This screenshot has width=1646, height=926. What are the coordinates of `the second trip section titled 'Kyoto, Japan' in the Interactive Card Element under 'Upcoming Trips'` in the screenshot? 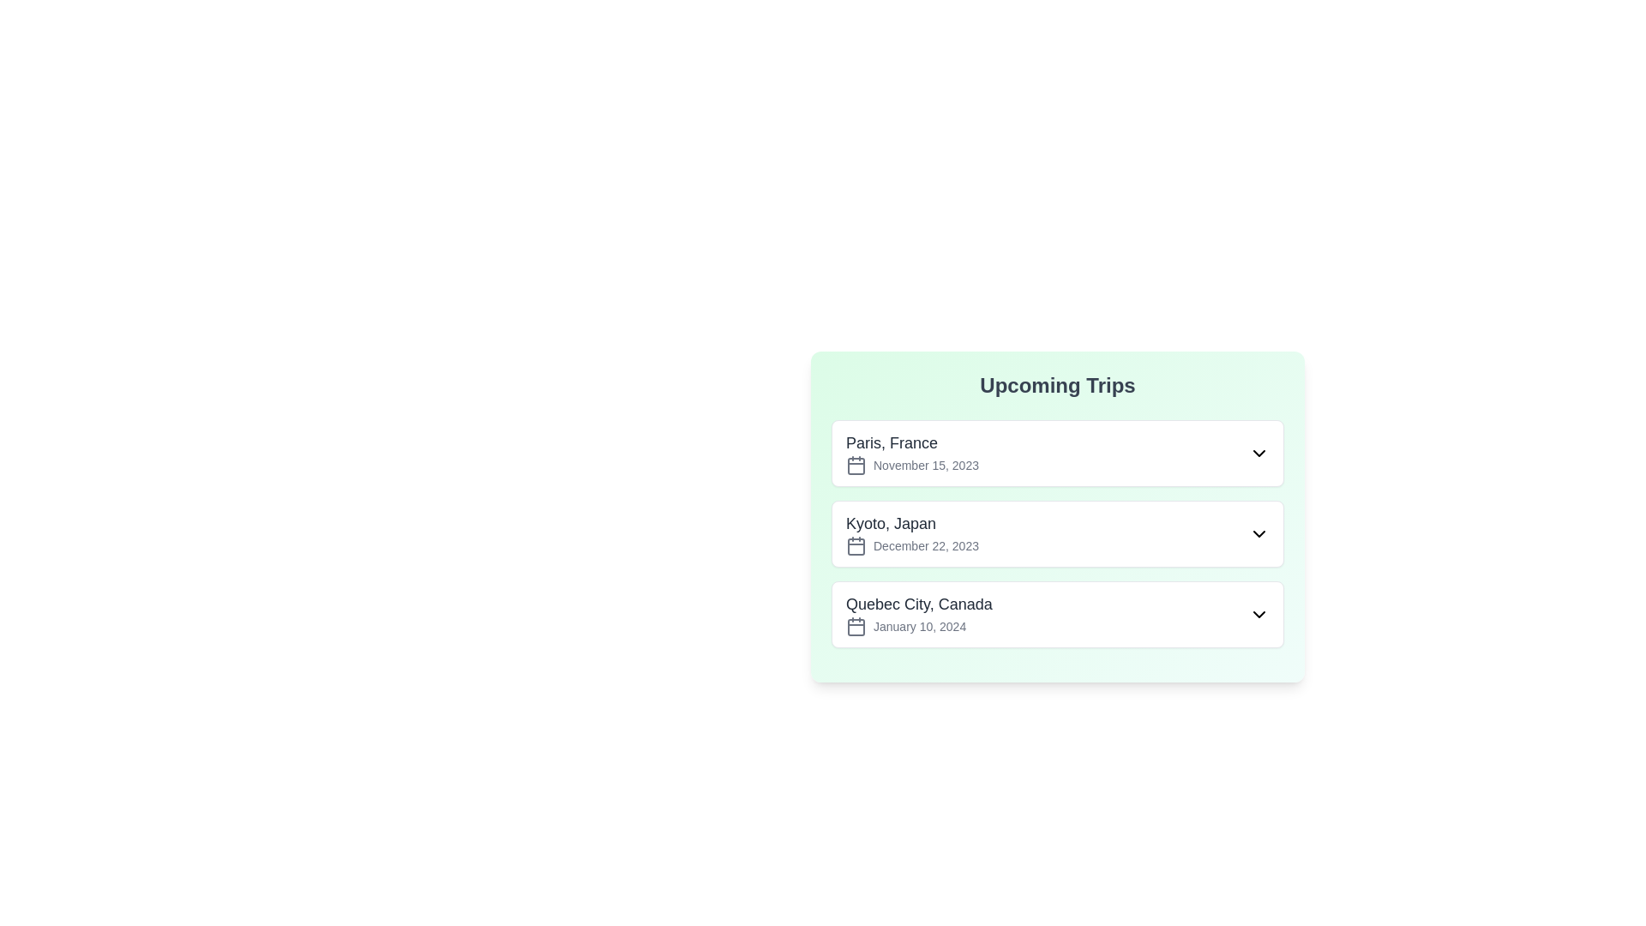 It's located at (1056, 515).